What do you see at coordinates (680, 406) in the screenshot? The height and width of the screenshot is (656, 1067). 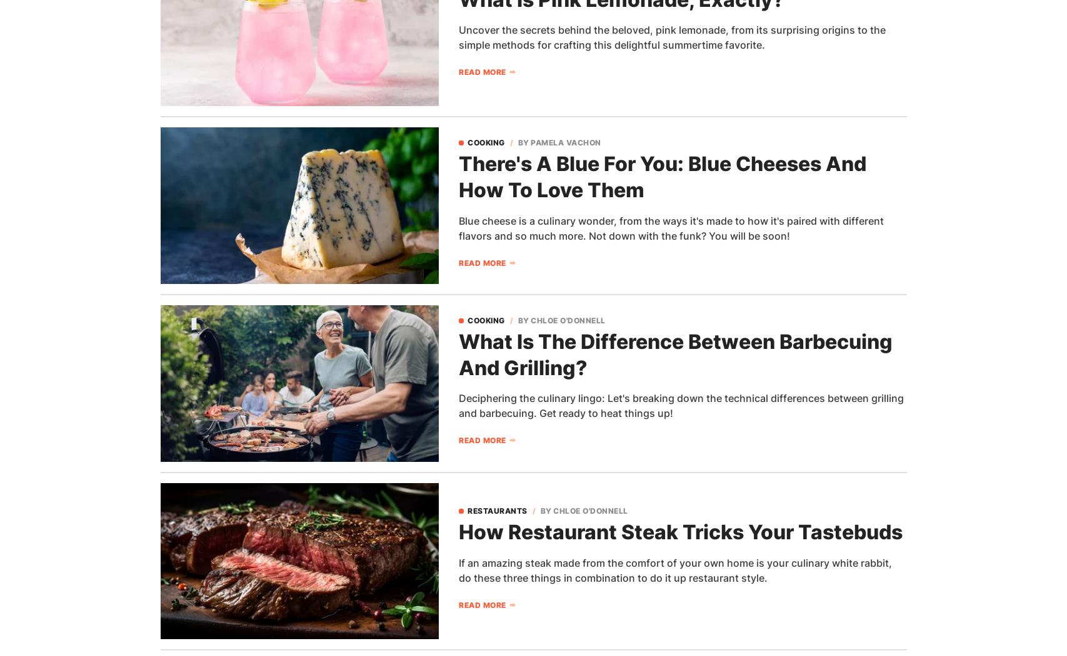 I see `'Deciphering the culinary lingo: Let's breaking down the technical differences between grilling and barbecuing. Get ready to heat things up!'` at bounding box center [680, 406].